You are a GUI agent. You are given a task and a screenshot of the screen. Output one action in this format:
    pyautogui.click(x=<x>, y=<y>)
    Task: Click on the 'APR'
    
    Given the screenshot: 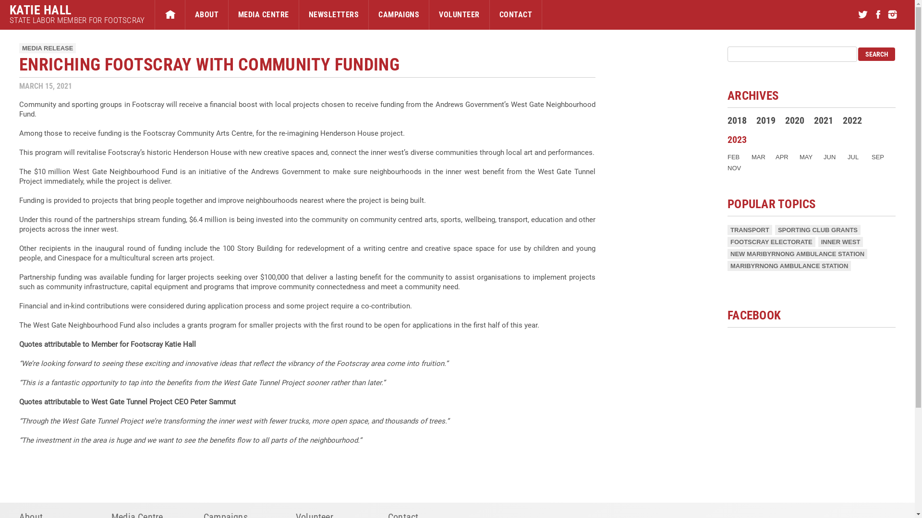 What is the action you would take?
    pyautogui.click(x=782, y=156)
    